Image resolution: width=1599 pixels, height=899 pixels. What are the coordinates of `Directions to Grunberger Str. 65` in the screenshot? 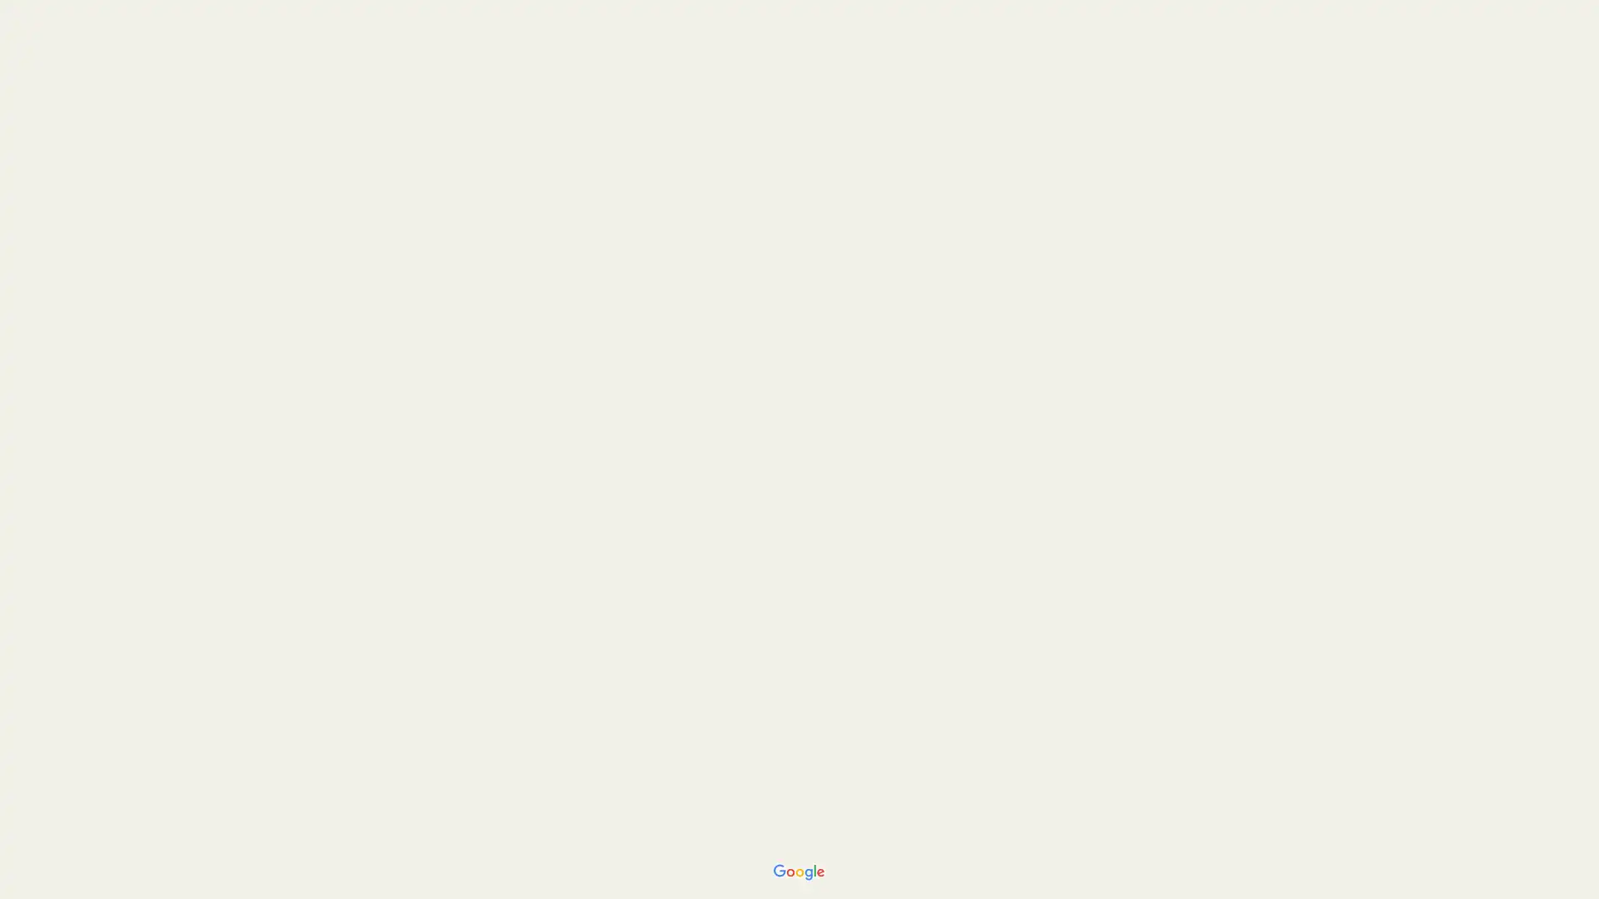 It's located at (47, 334).